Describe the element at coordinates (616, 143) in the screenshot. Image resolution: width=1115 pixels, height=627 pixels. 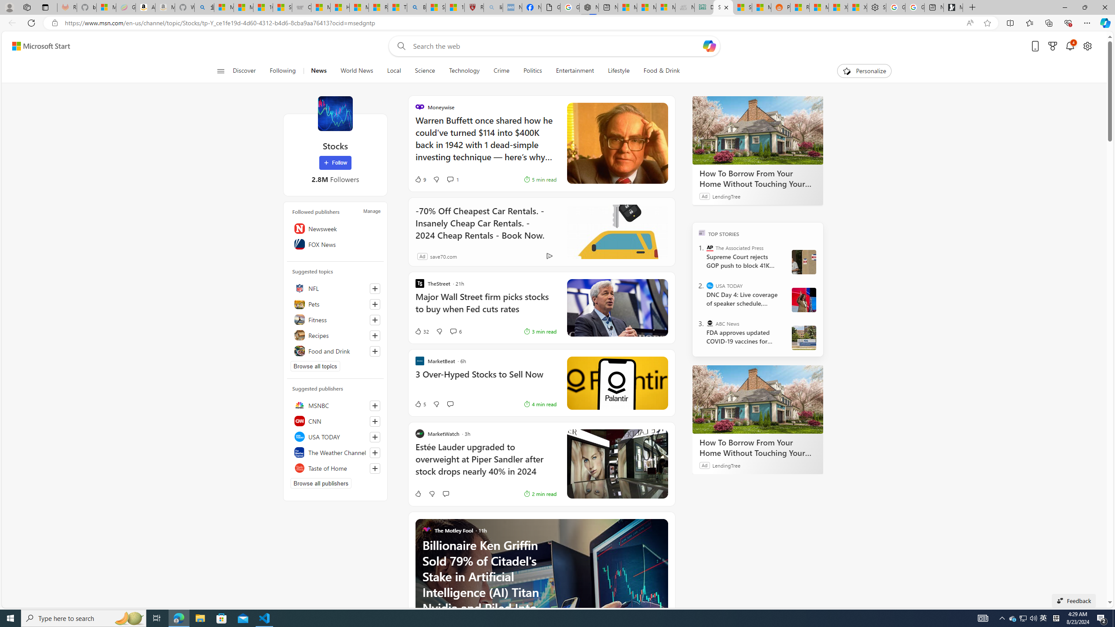
I see `'Warren Buffett shares dead-simple investing lesson'` at that location.